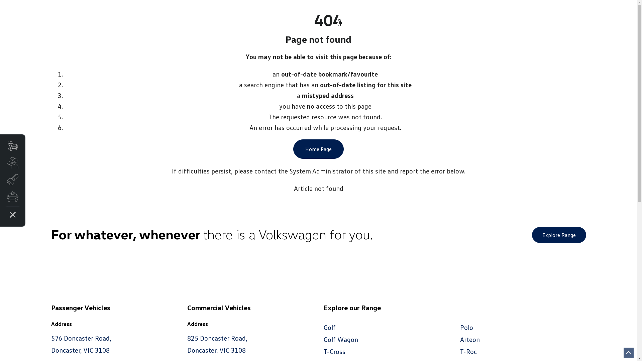 This screenshot has width=642, height=361. I want to click on 'Explore Range', so click(558, 234).